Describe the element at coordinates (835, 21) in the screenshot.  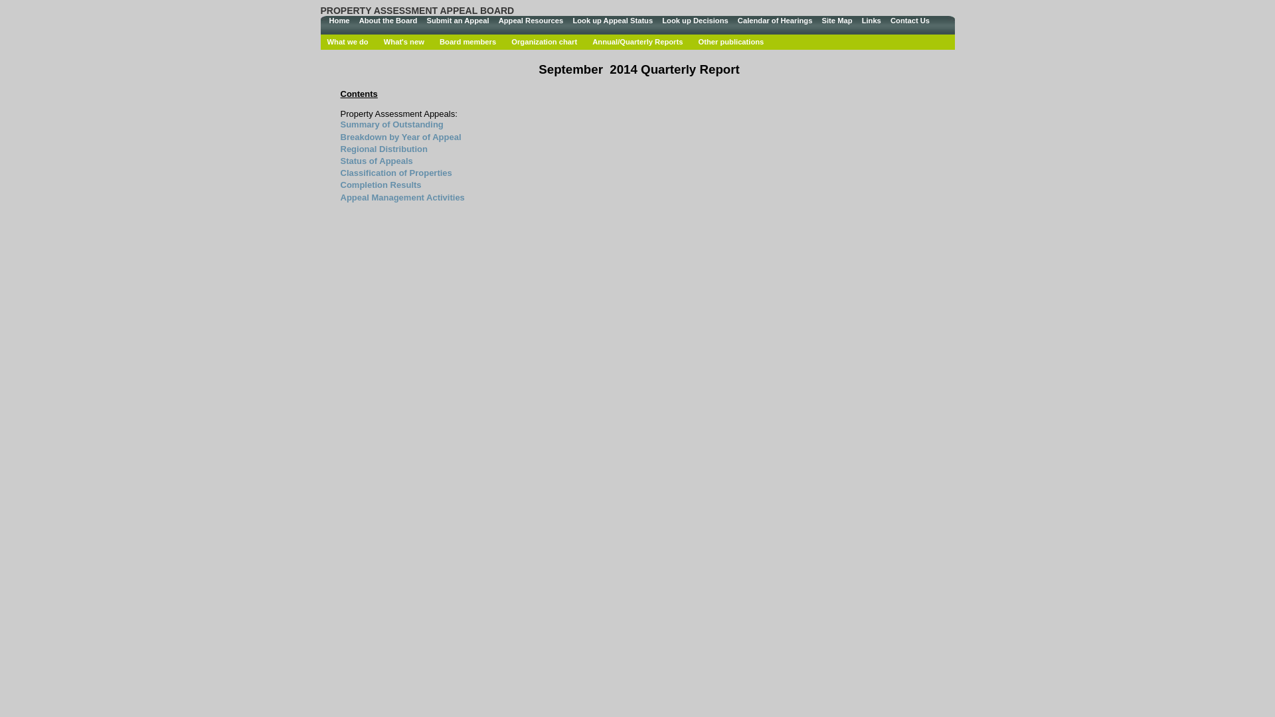
I see `'Site Map'` at that location.